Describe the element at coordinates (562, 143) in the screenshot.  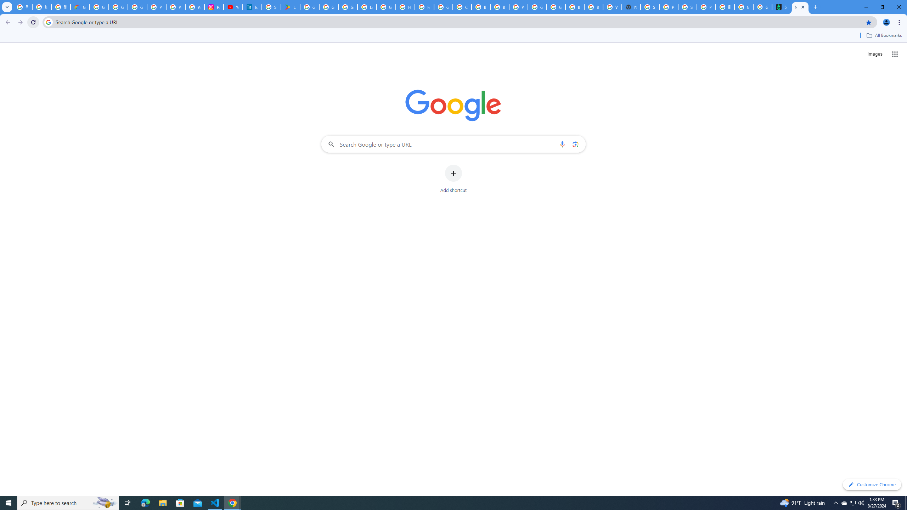
I see `'Search by voice'` at that location.